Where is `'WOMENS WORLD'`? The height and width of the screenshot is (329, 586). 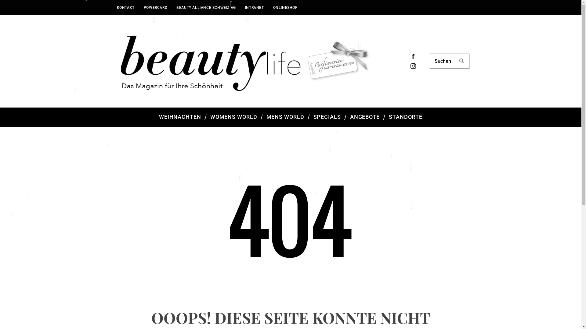
'WOMENS WORLD' is located at coordinates (205, 117).